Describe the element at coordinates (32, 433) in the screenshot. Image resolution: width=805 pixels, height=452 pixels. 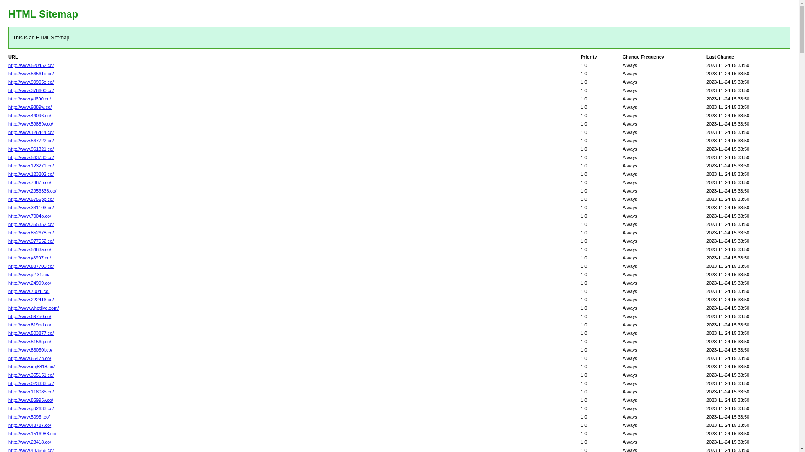
I see `'http://www.1516988.co/'` at that location.